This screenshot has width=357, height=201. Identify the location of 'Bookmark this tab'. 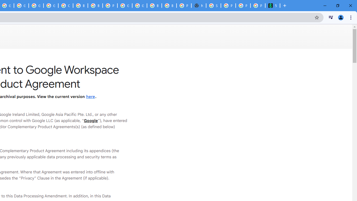
(317, 17).